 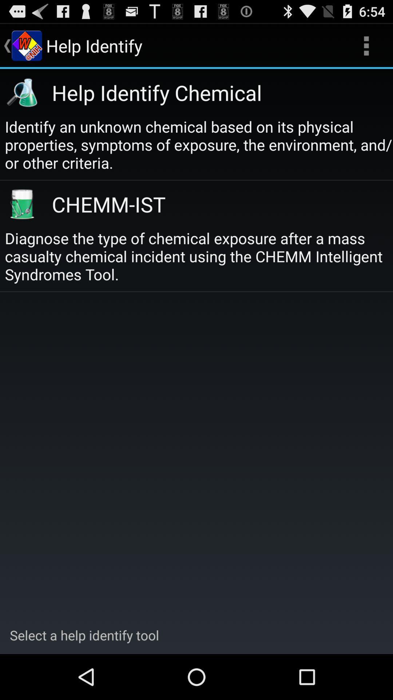 What do you see at coordinates (214, 204) in the screenshot?
I see `chemm-ist icon` at bounding box center [214, 204].